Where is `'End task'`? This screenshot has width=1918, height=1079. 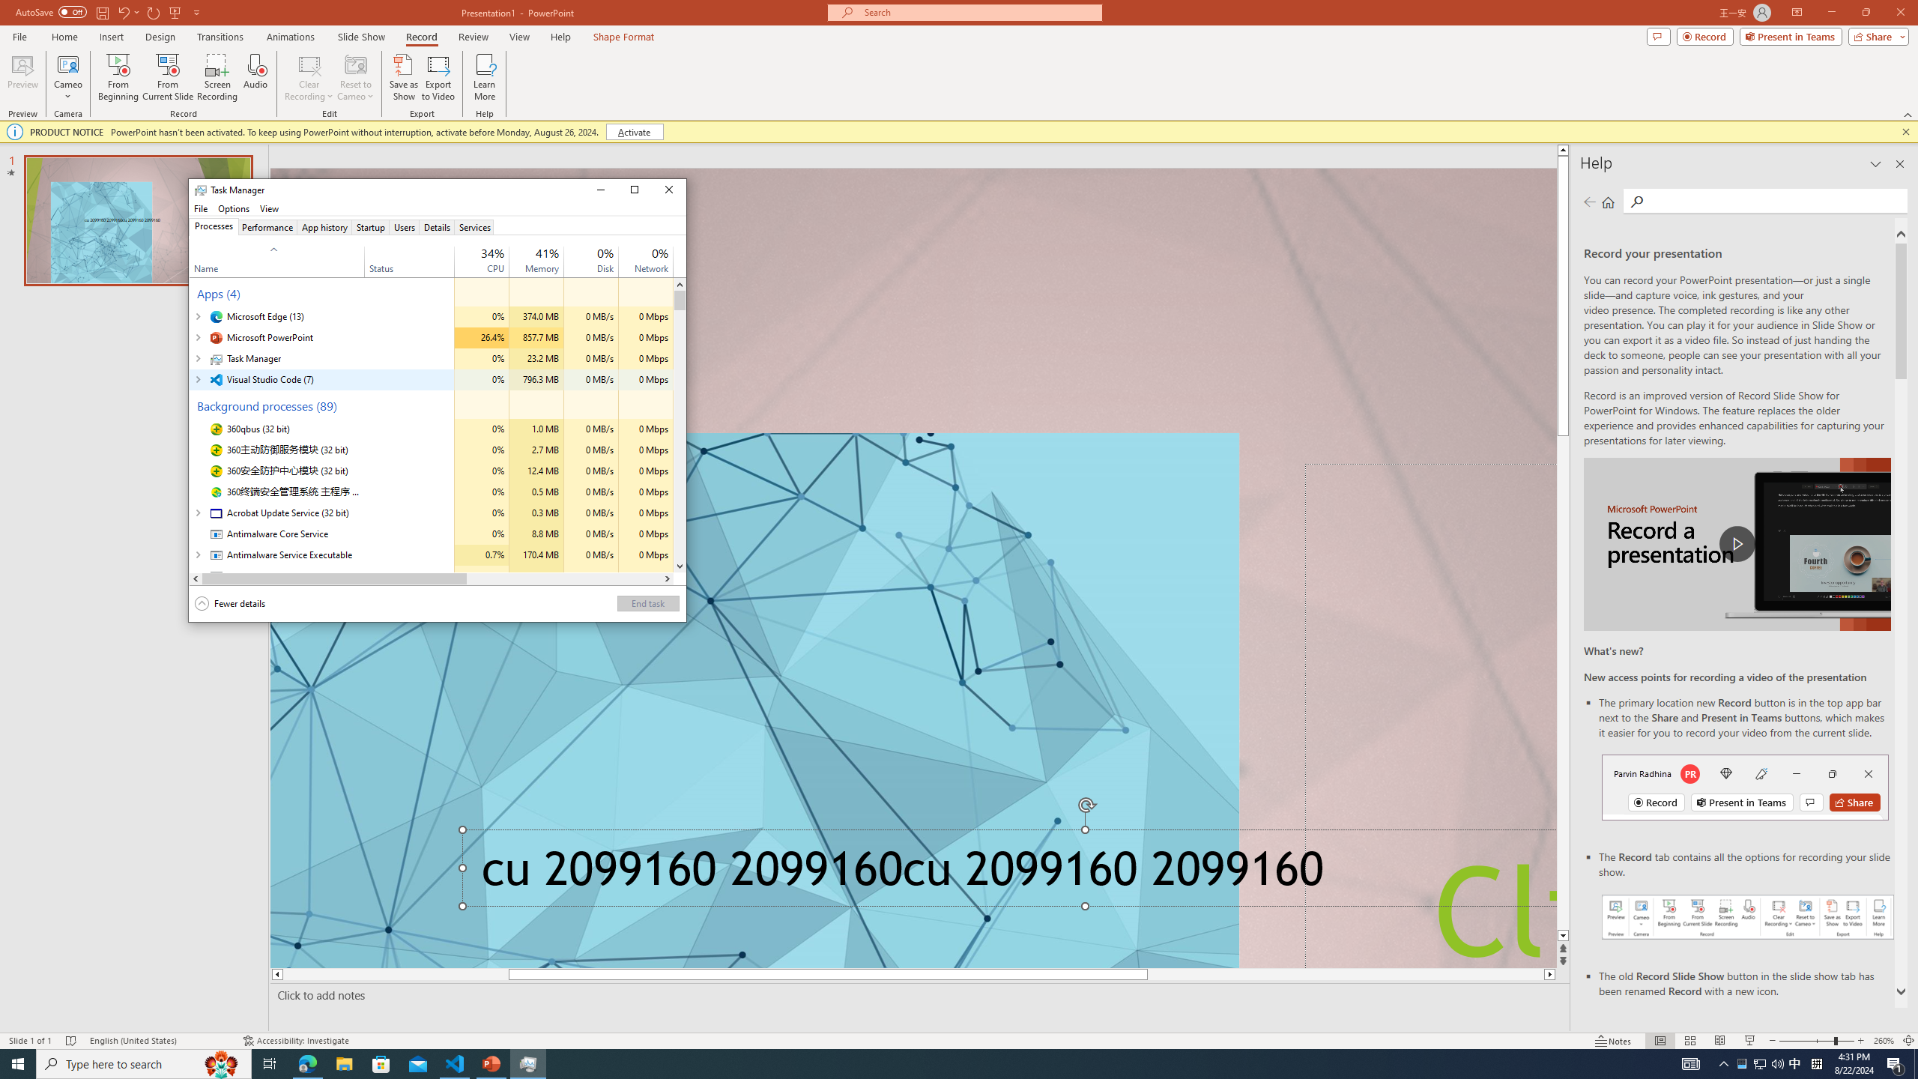 'End task' is located at coordinates (647, 602).